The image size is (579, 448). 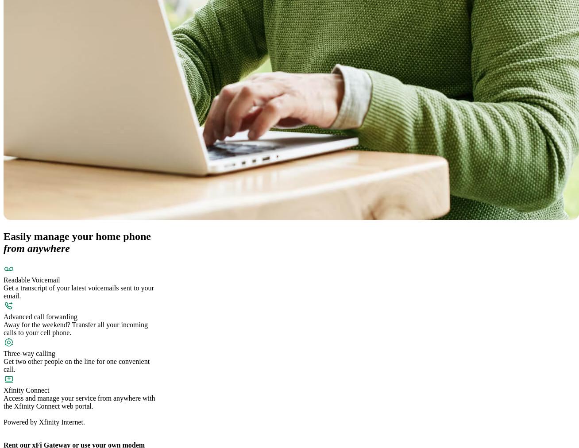 What do you see at coordinates (77, 365) in the screenshot?
I see `'Get two other people on the line for one convenient call.'` at bounding box center [77, 365].